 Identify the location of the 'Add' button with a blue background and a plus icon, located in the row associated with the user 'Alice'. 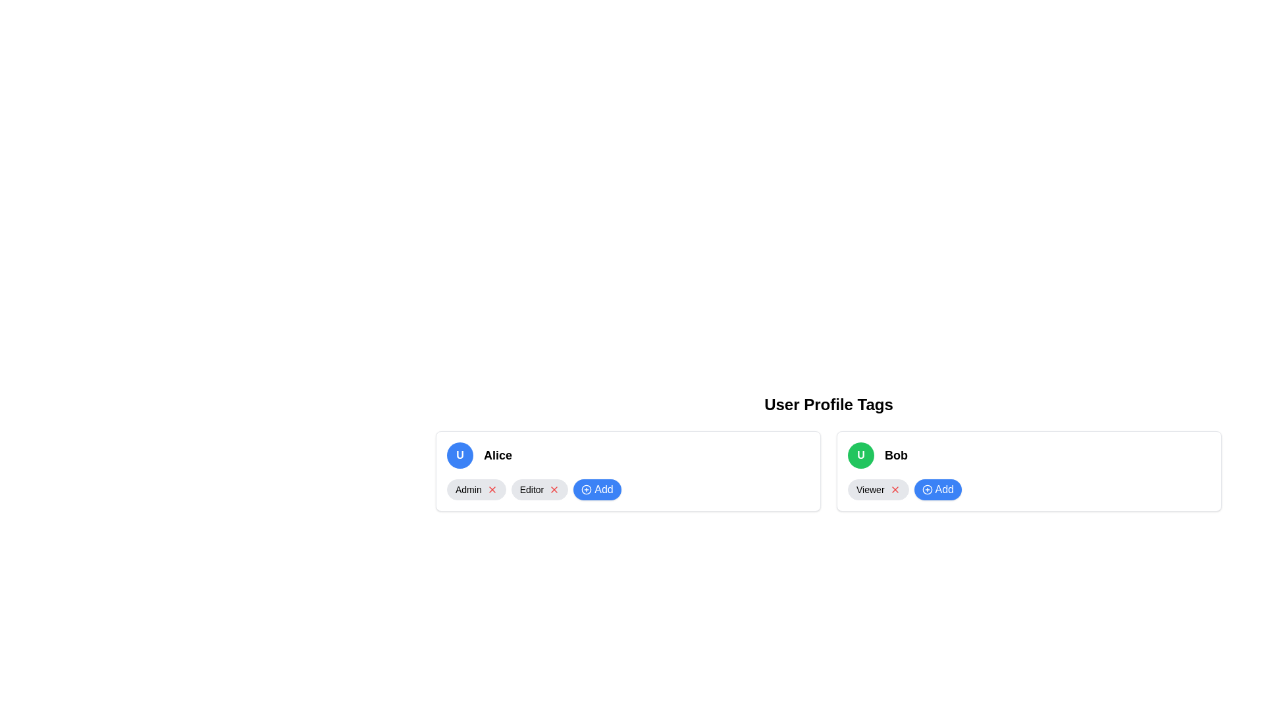
(596, 490).